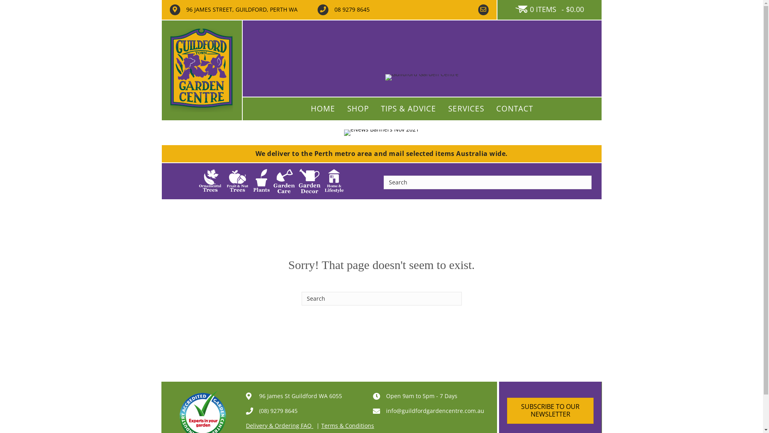  Describe the element at coordinates (466, 109) in the screenshot. I see `'SERVICES'` at that location.